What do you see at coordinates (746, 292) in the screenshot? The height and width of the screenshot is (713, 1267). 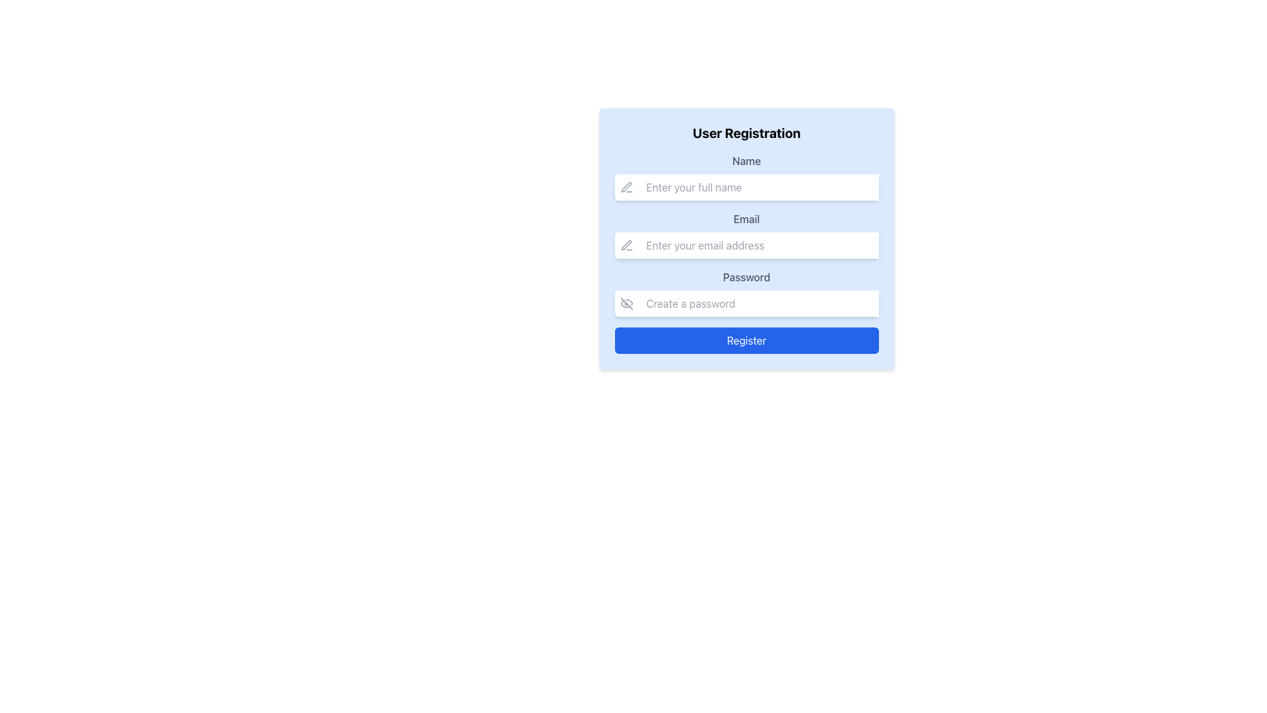 I see `the visibility toggle button of the 'Password' input field in the 'User Registration' form to show or hide the entered password` at bounding box center [746, 292].